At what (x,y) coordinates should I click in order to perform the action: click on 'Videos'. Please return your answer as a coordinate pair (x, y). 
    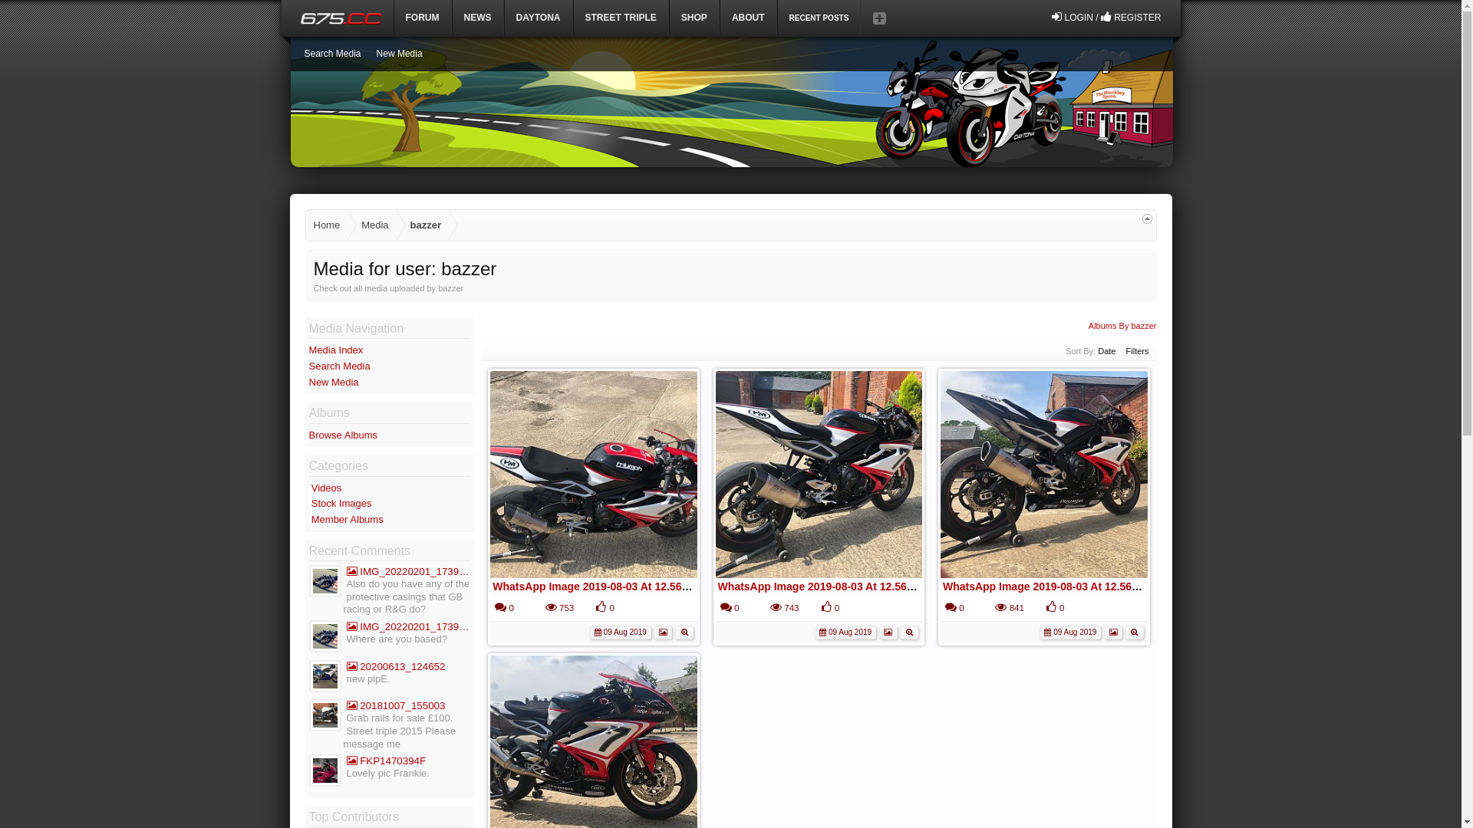
    Looking at the image, I should click on (311, 488).